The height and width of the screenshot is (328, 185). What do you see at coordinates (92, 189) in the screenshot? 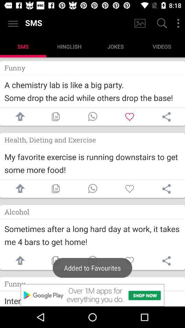
I see `call them` at bounding box center [92, 189].